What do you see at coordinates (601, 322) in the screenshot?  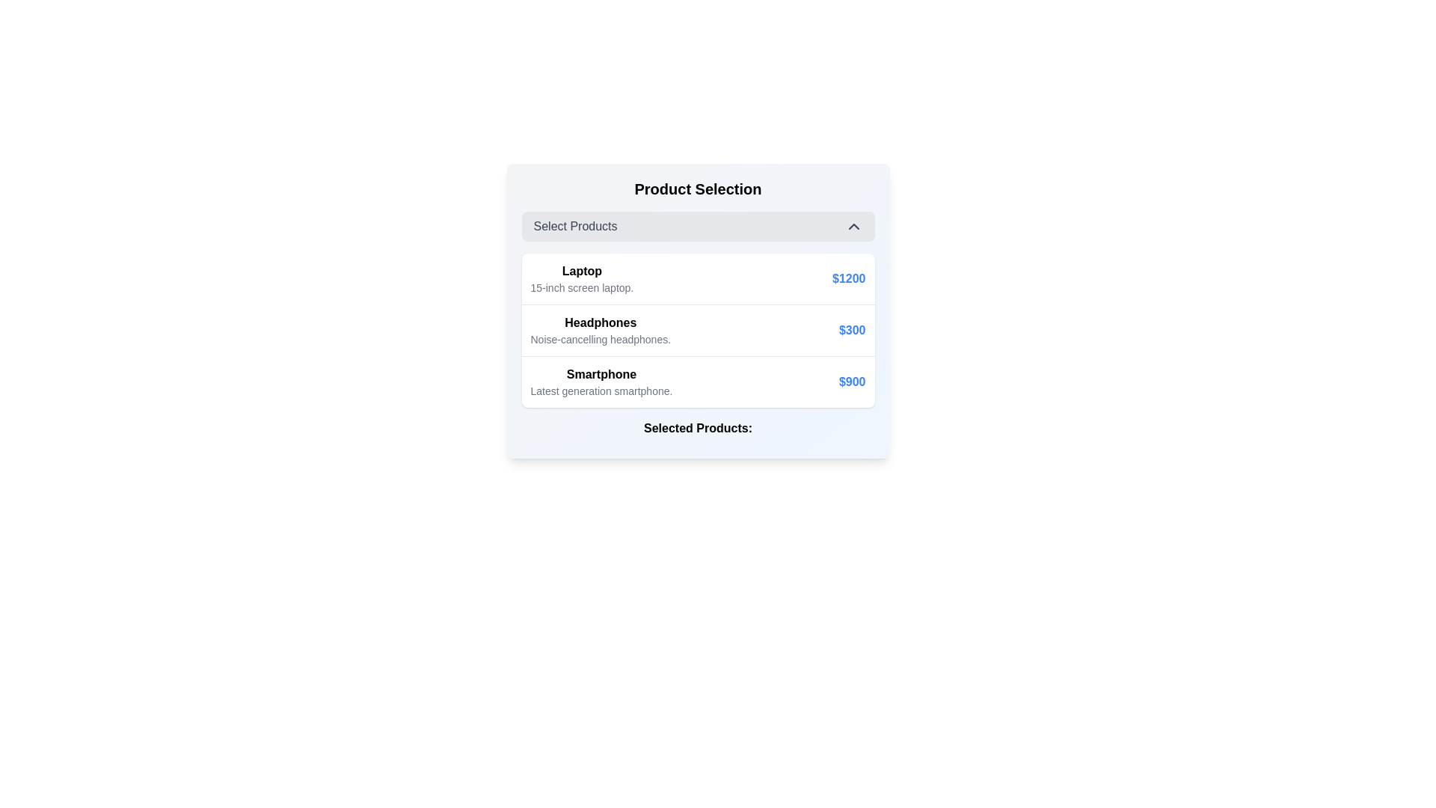 I see `the primary text label that identifies the second product option in the list, which is positioned above the description text for 'Noise-cancelling headphones.'` at bounding box center [601, 322].